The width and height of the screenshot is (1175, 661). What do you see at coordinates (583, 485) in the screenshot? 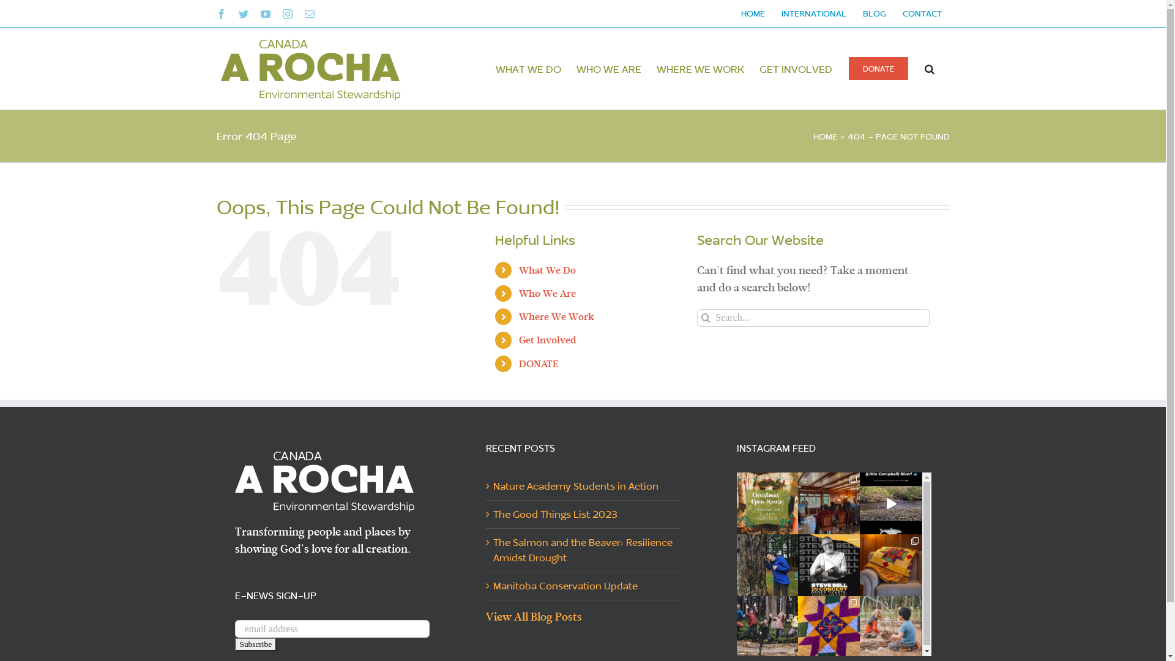
I see `'Nature Academy Students in Action'` at bounding box center [583, 485].